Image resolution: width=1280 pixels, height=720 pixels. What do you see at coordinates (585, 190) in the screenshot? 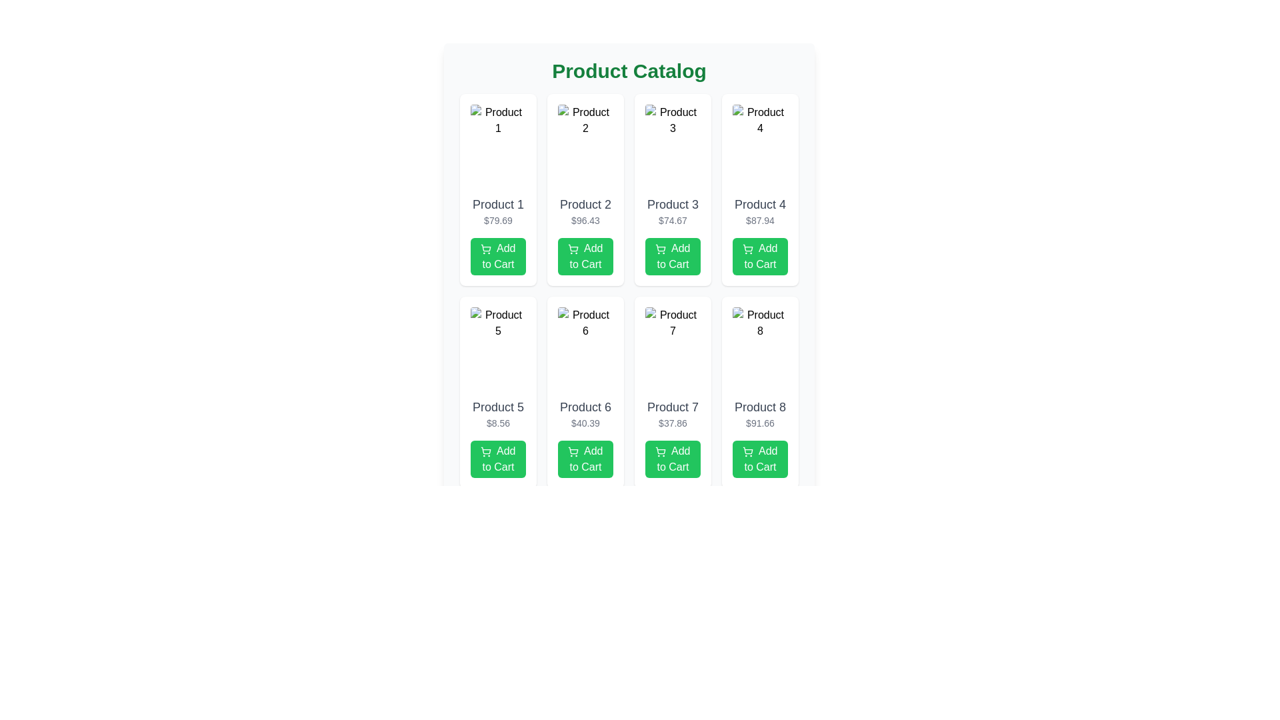
I see `the card displaying details about 'Product 2', which is the second item in the first row of the grid layout` at bounding box center [585, 190].